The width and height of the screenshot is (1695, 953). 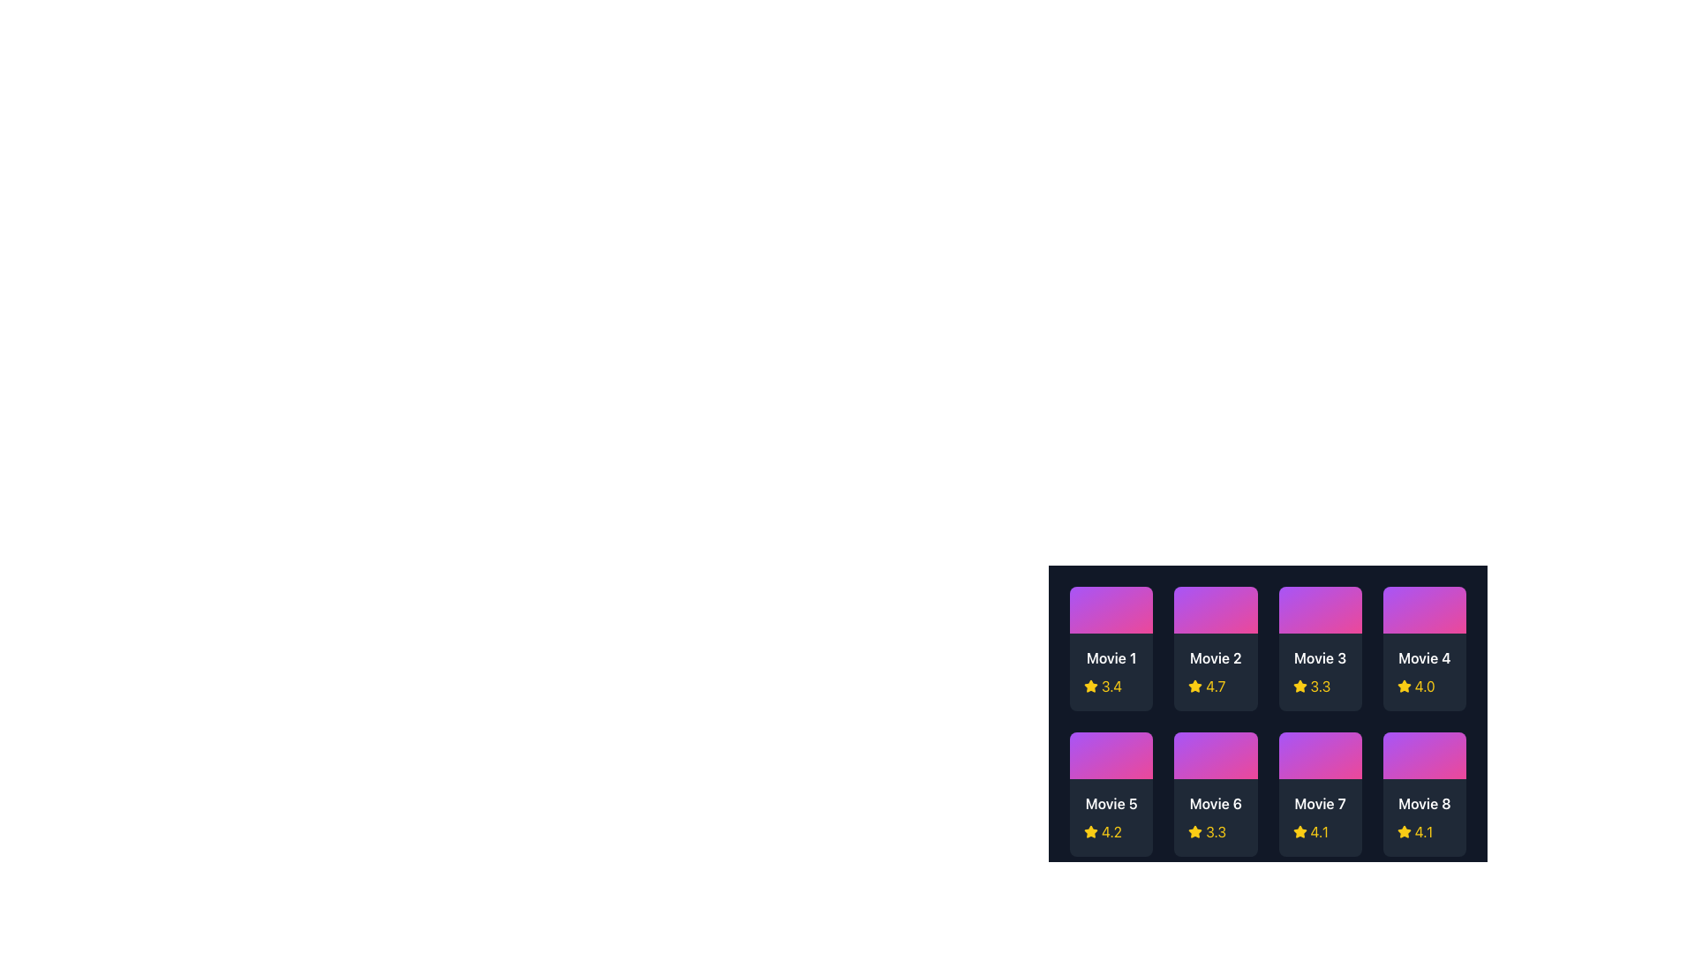 I want to click on the text label displaying 'Movie 2' which is styled in bold white font on a dark blue background and is the second element in a horizontal grid layout, so click(x=1215, y=658).